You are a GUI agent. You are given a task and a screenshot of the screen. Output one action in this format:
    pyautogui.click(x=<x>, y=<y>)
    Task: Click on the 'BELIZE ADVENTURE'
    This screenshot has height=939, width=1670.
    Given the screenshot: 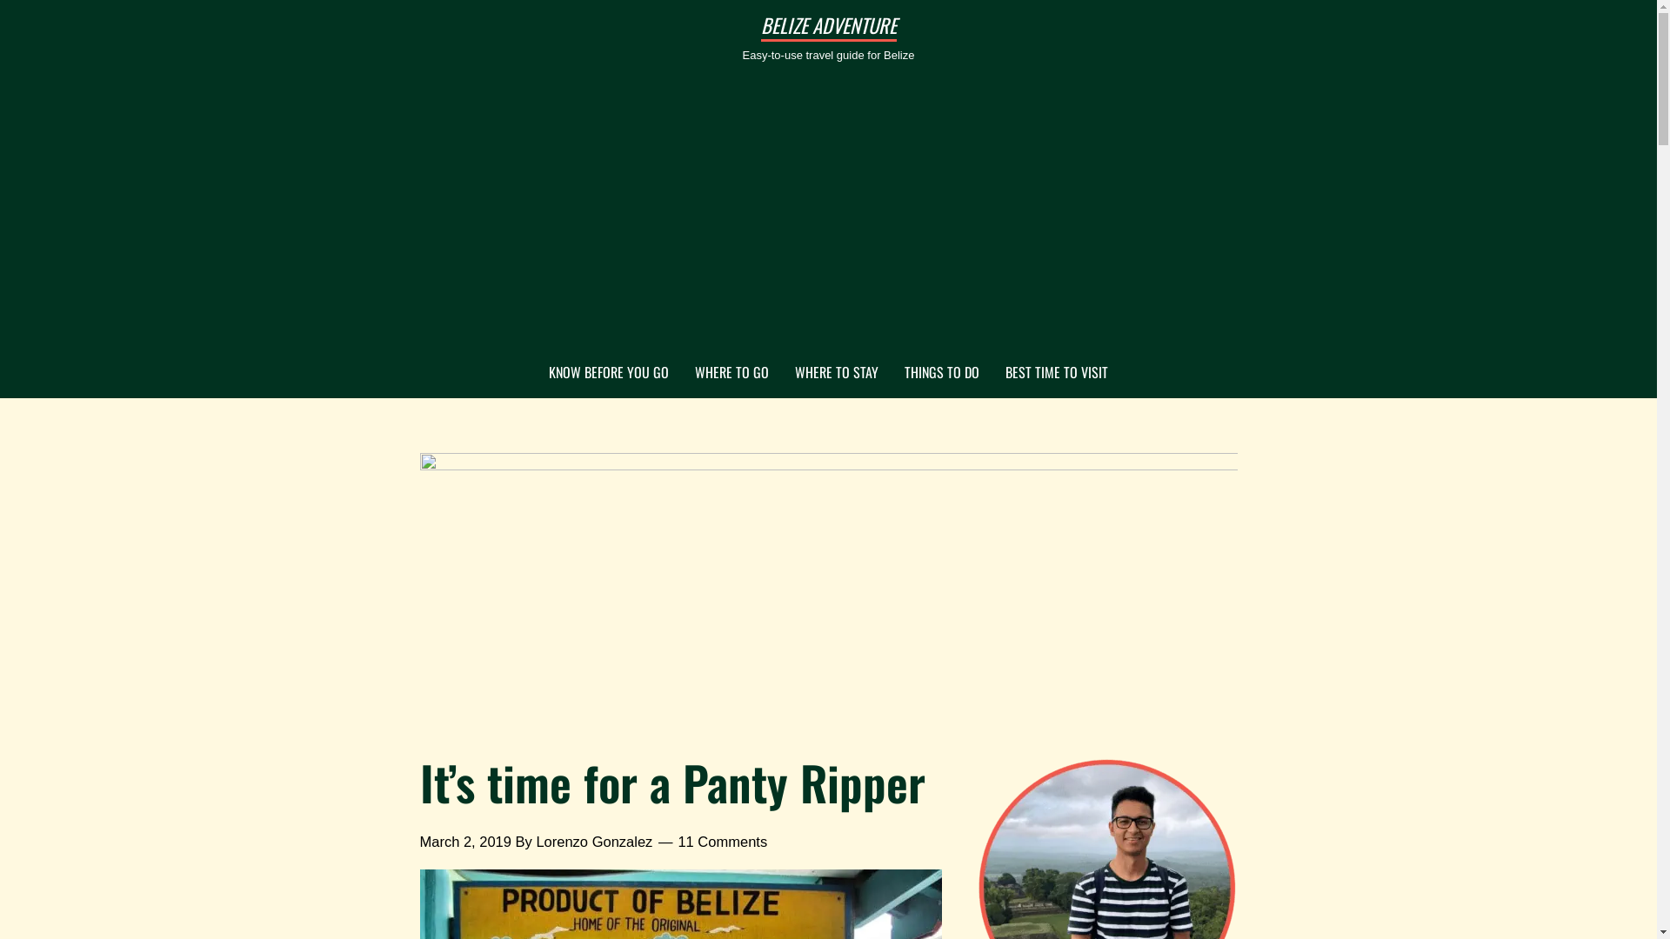 What is the action you would take?
    pyautogui.click(x=826, y=25)
    